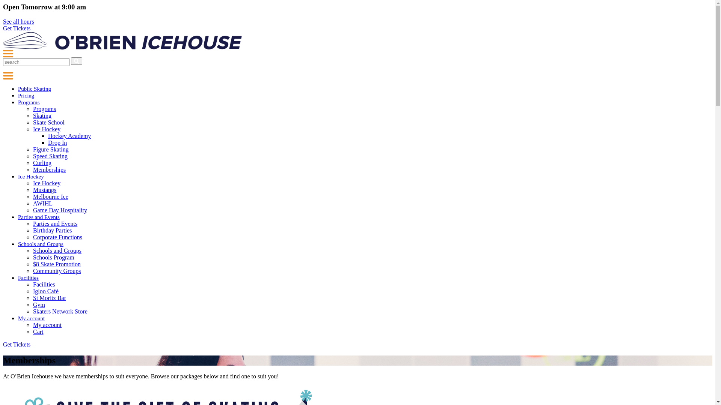 The height and width of the screenshot is (405, 721). Describe the element at coordinates (56, 264) in the screenshot. I see `'$8 Skate Promotion'` at that location.